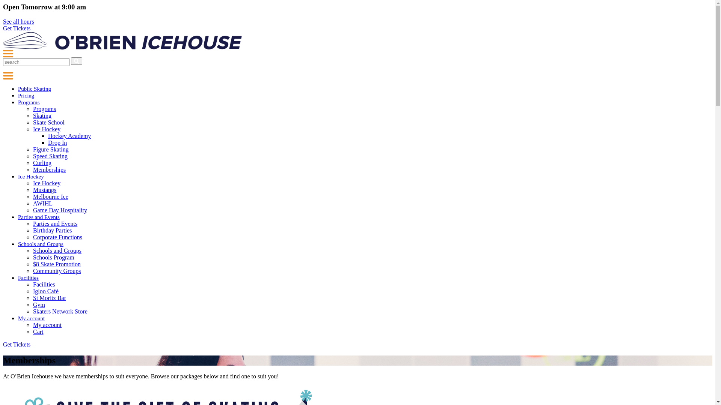 The height and width of the screenshot is (405, 721). Describe the element at coordinates (56, 264) in the screenshot. I see `'$8 Skate Promotion'` at that location.